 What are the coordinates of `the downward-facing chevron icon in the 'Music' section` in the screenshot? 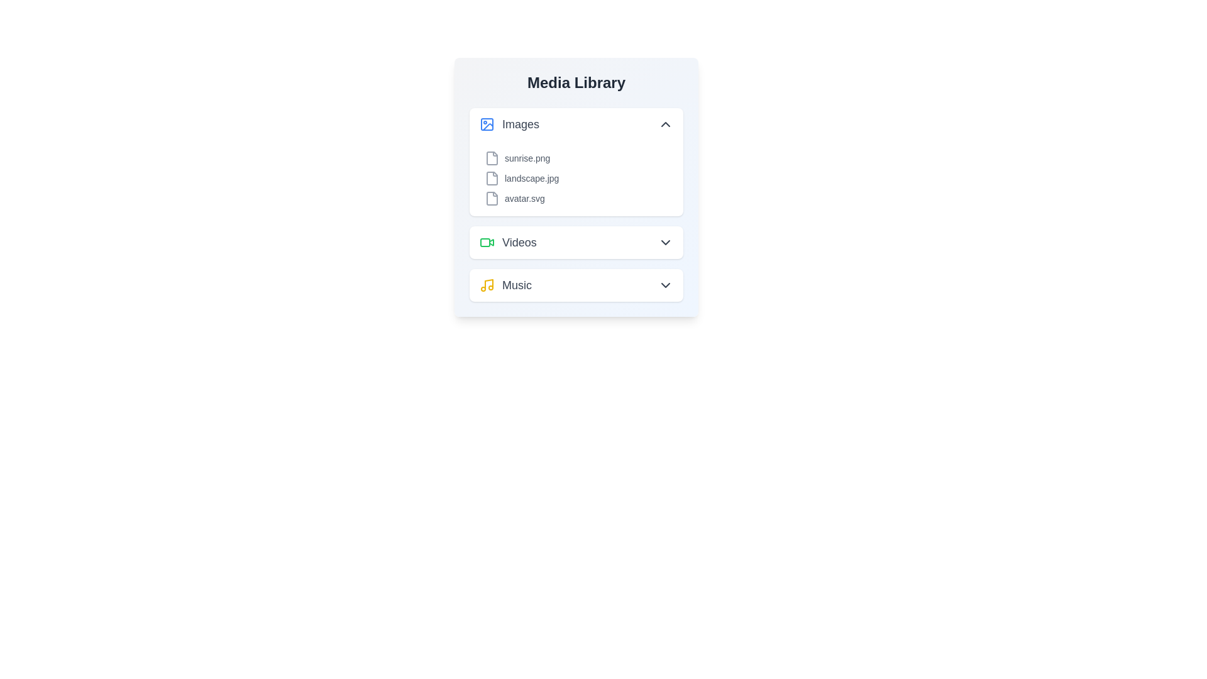 It's located at (665, 285).